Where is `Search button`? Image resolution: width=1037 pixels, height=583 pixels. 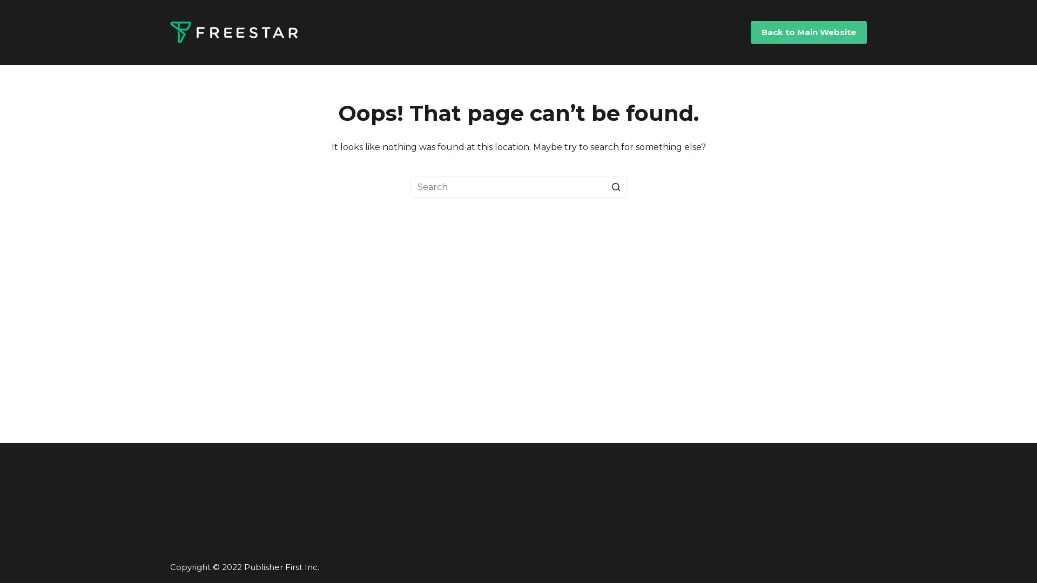
Search button is located at coordinates (616, 214).